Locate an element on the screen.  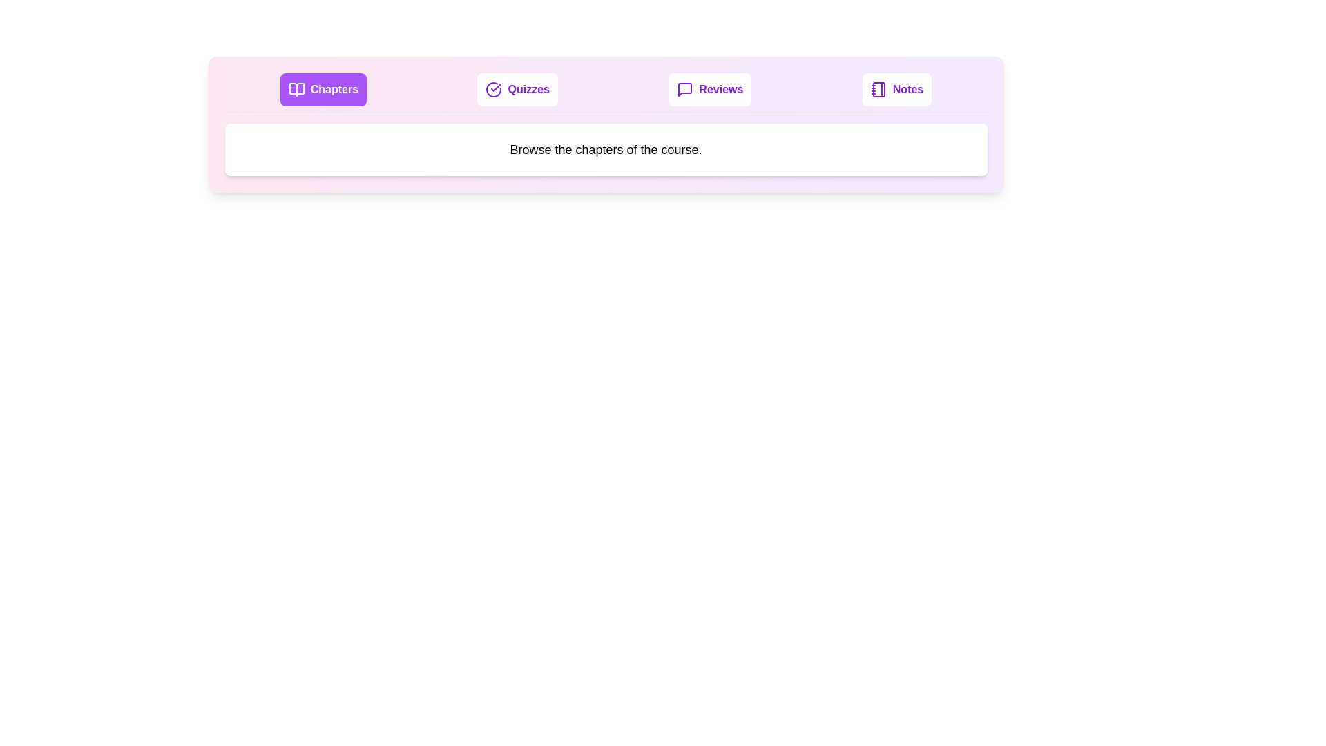
the Chapters tab is located at coordinates (322, 90).